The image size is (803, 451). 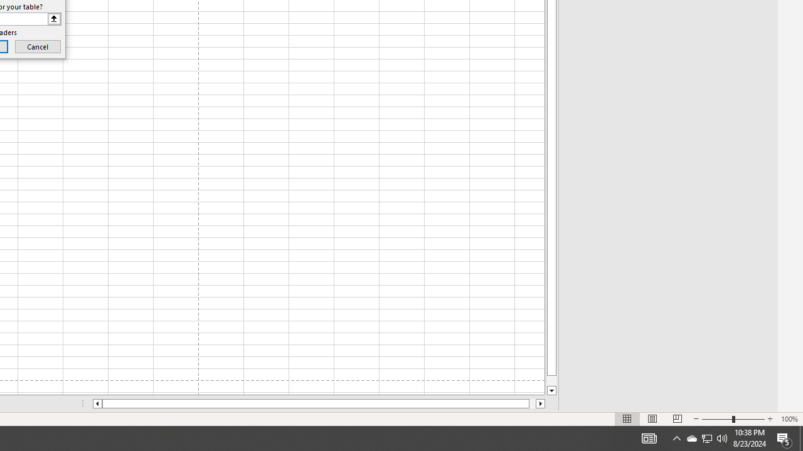 What do you see at coordinates (532, 403) in the screenshot?
I see `'Page right'` at bounding box center [532, 403].